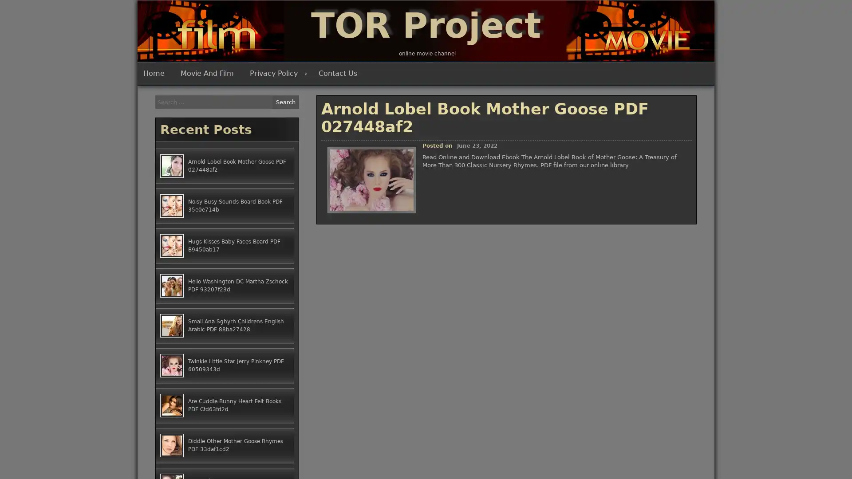 The height and width of the screenshot is (479, 852). What do you see at coordinates (285, 102) in the screenshot?
I see `Search` at bounding box center [285, 102].